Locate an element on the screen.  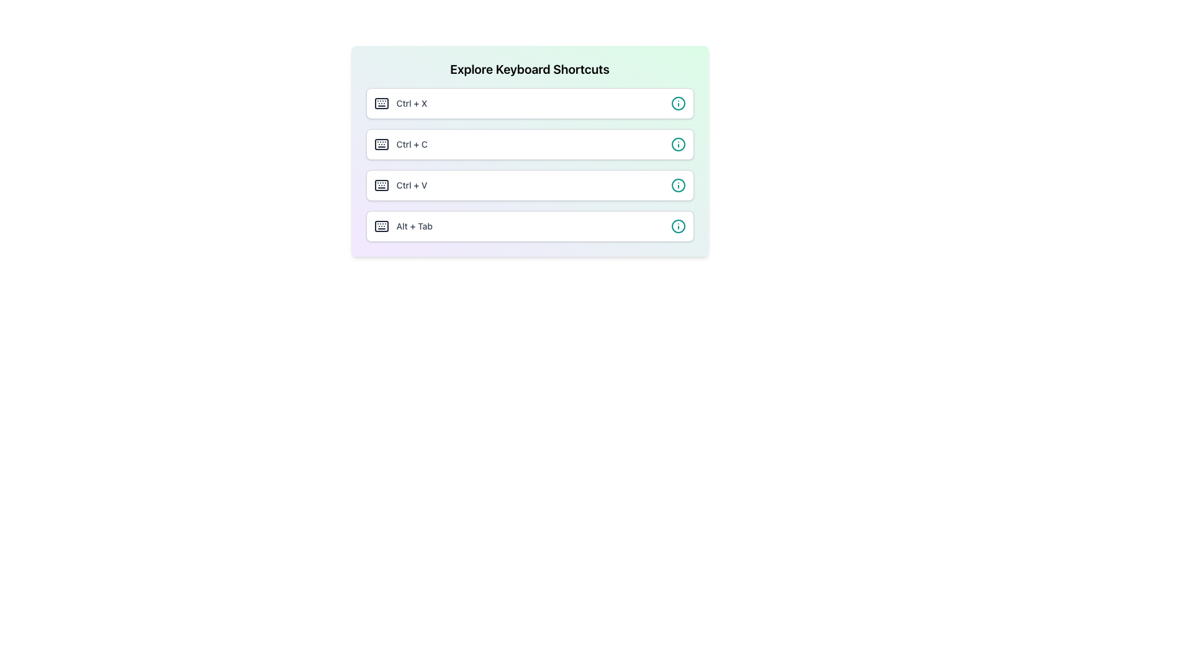
the associated information for the text label displaying 'Alt + Tab' next to a keyboard icon, which is the fourth entry in the list of keyboard shortcuts is located at coordinates (403, 226).